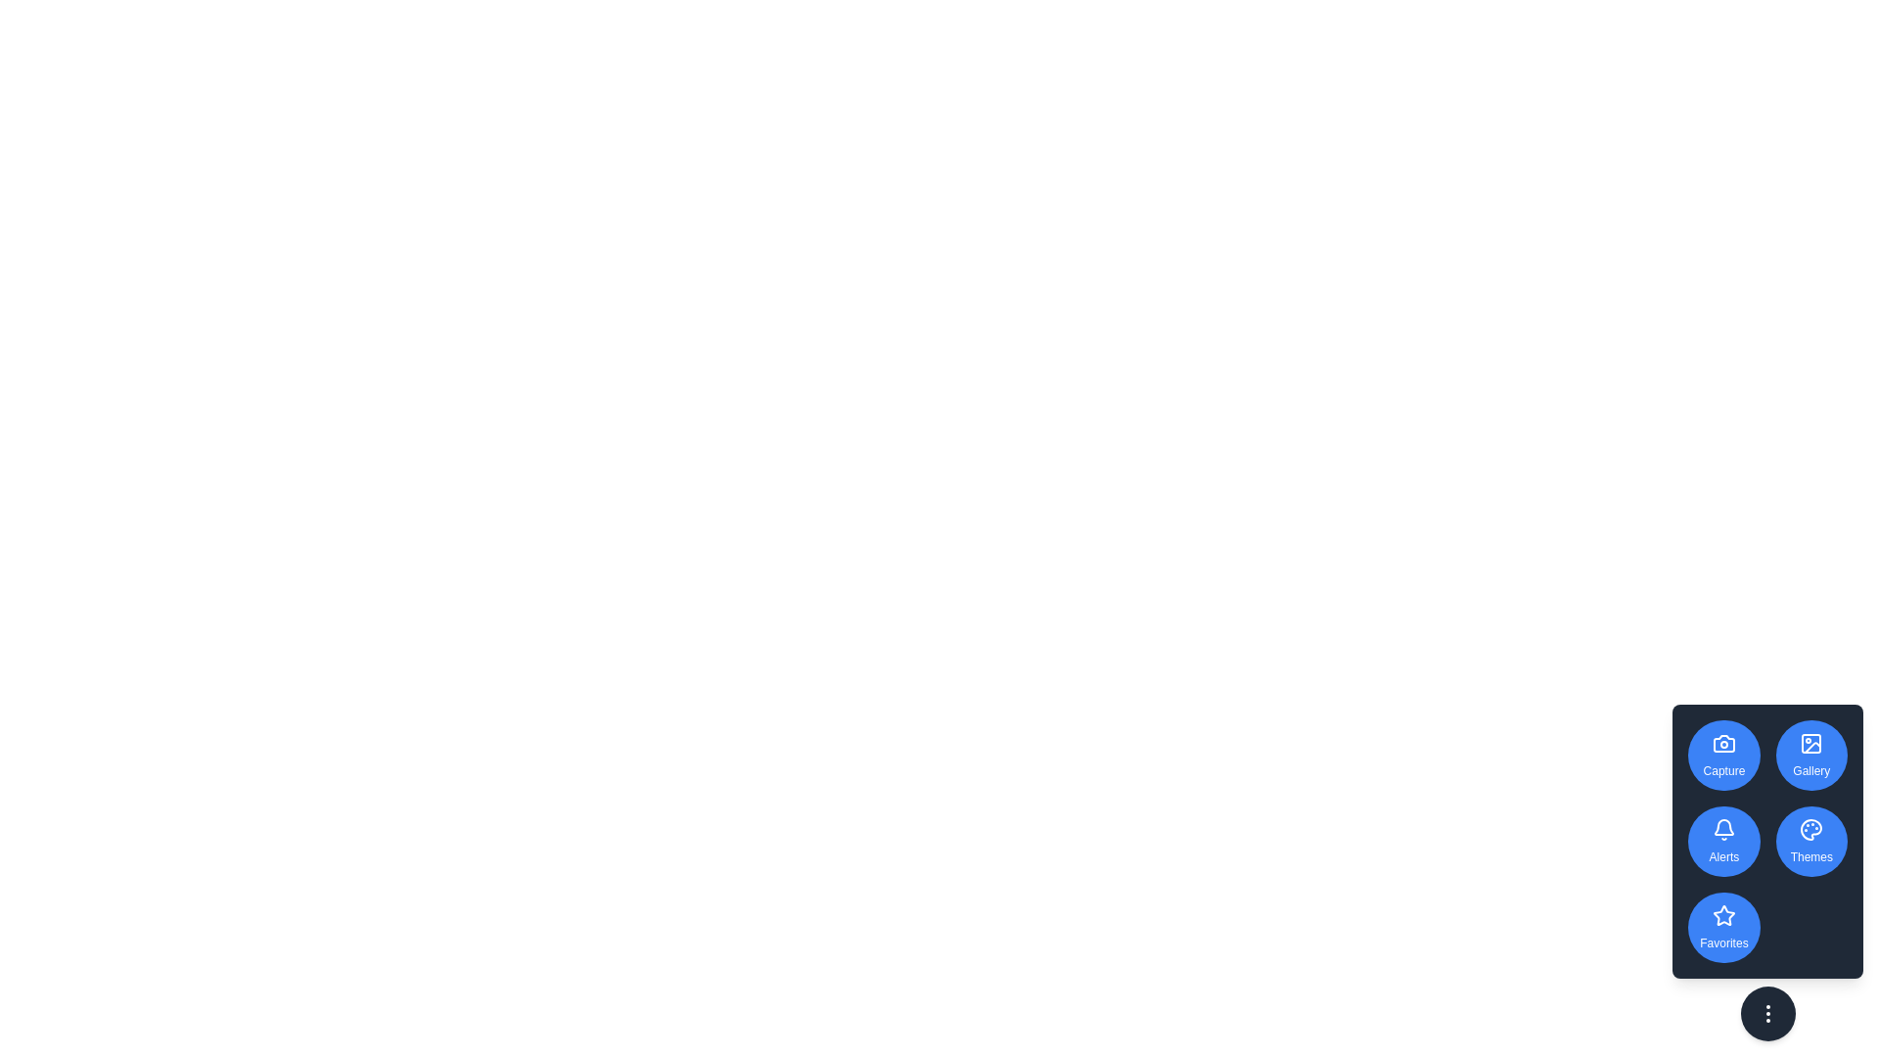 The width and height of the screenshot is (1879, 1057). What do you see at coordinates (1723, 927) in the screenshot?
I see `the 'Favorites' button to manage favorite items` at bounding box center [1723, 927].